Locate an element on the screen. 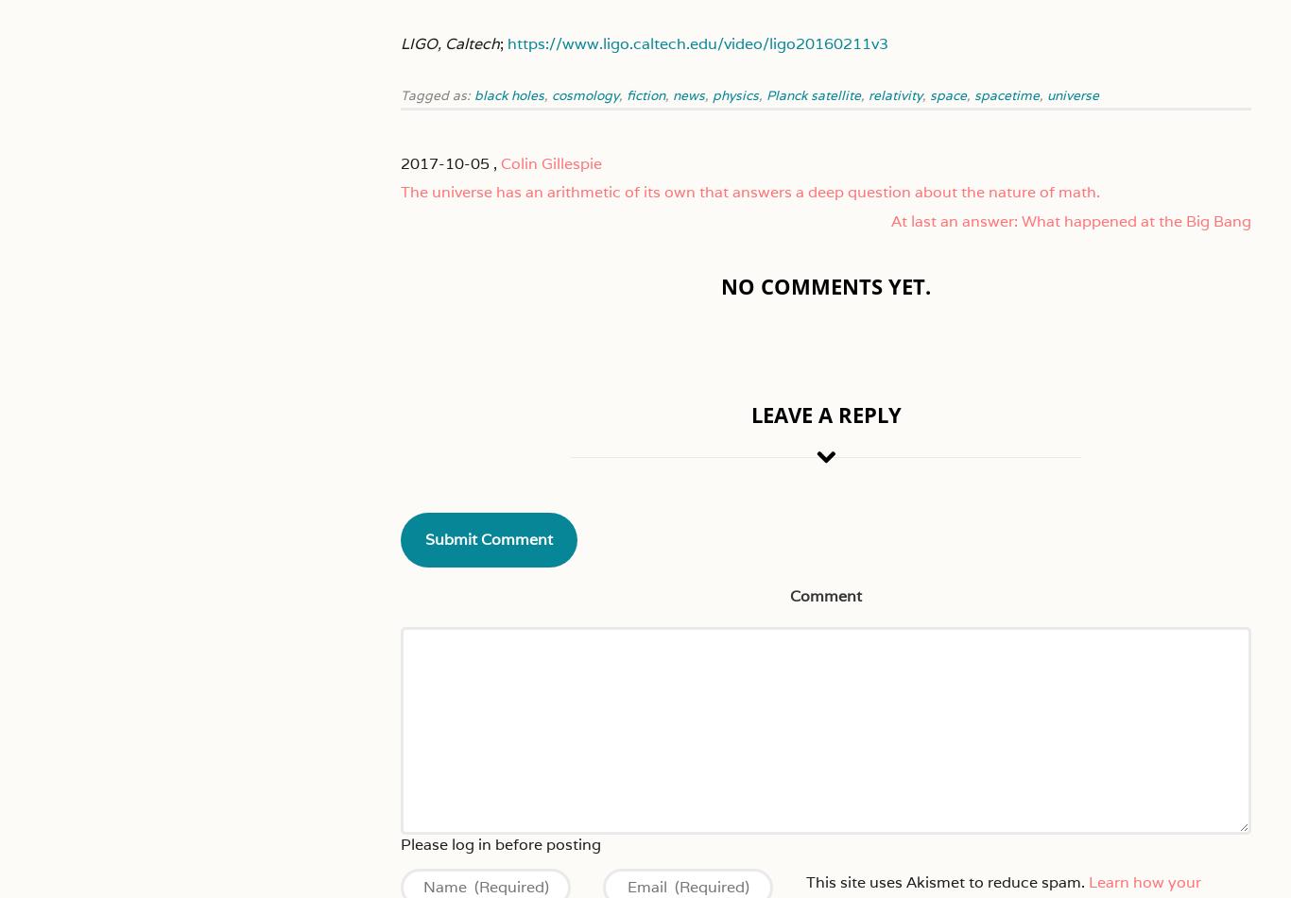 The height and width of the screenshot is (898, 1291). '2017-10-05	,' is located at coordinates (400, 162).